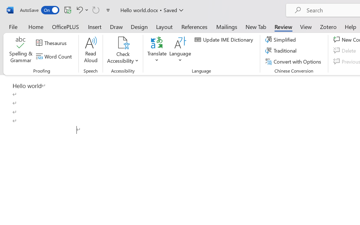  What do you see at coordinates (139, 26) in the screenshot?
I see `'Design'` at bounding box center [139, 26].